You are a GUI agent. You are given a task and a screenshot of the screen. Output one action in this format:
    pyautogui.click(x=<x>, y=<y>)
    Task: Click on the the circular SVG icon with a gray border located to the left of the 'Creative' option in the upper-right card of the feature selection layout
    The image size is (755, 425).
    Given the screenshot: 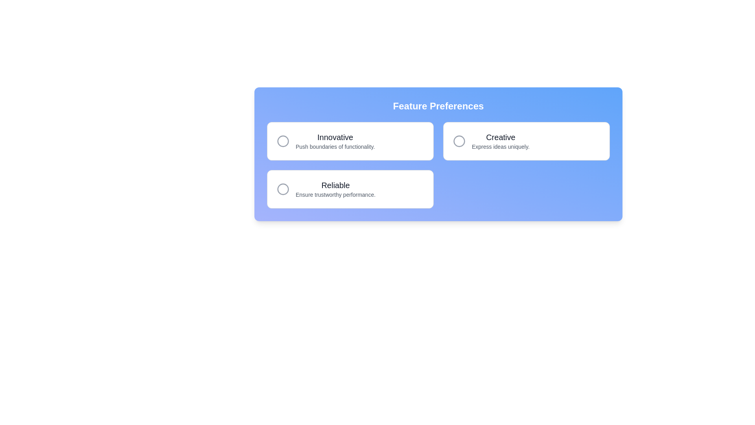 What is the action you would take?
    pyautogui.click(x=459, y=140)
    